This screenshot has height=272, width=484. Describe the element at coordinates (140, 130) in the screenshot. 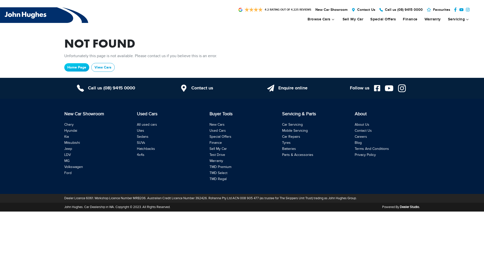

I see `'Utes'` at that location.